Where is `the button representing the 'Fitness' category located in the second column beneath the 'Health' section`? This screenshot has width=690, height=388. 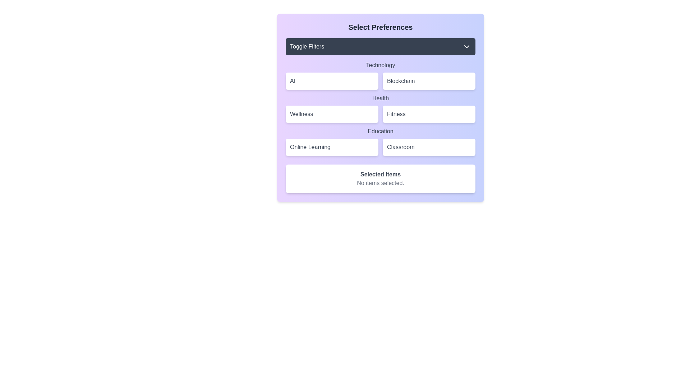 the button representing the 'Fitness' category located in the second column beneath the 'Health' section is located at coordinates (429, 114).